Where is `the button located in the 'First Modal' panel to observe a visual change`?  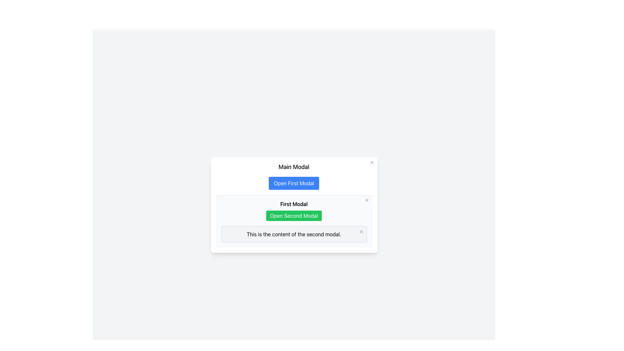
the button located in the 'First Modal' panel to observe a visual change is located at coordinates (293, 215).